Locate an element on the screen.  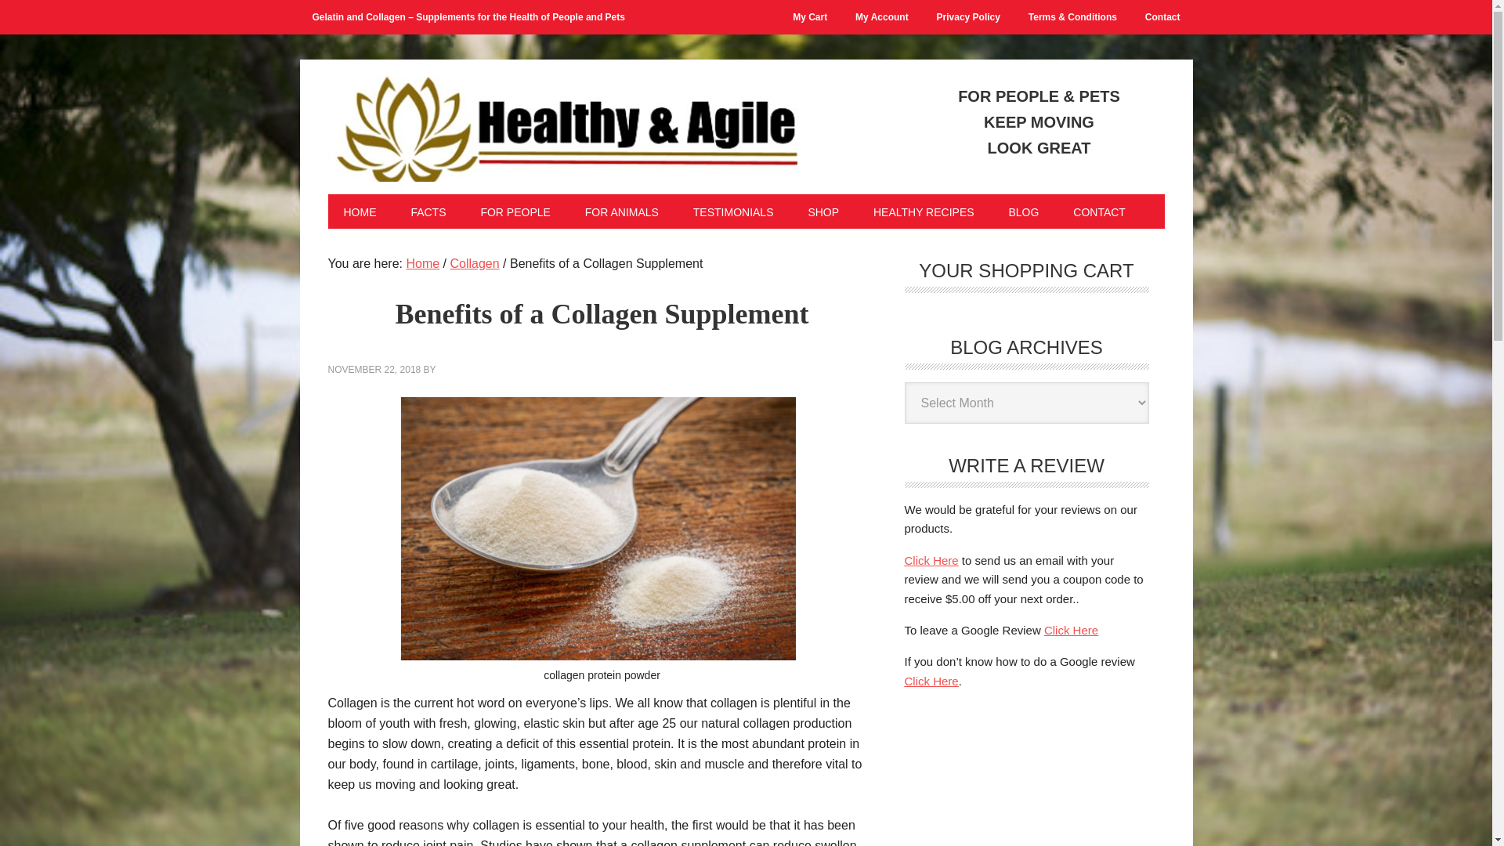
'Contact' is located at coordinates (1162, 17).